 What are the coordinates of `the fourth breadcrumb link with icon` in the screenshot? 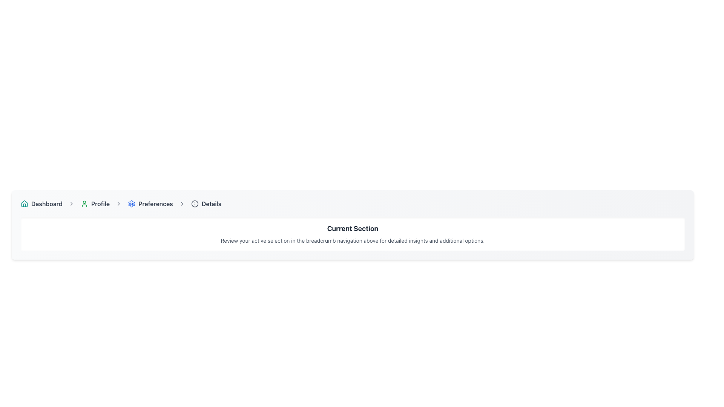 It's located at (206, 203).